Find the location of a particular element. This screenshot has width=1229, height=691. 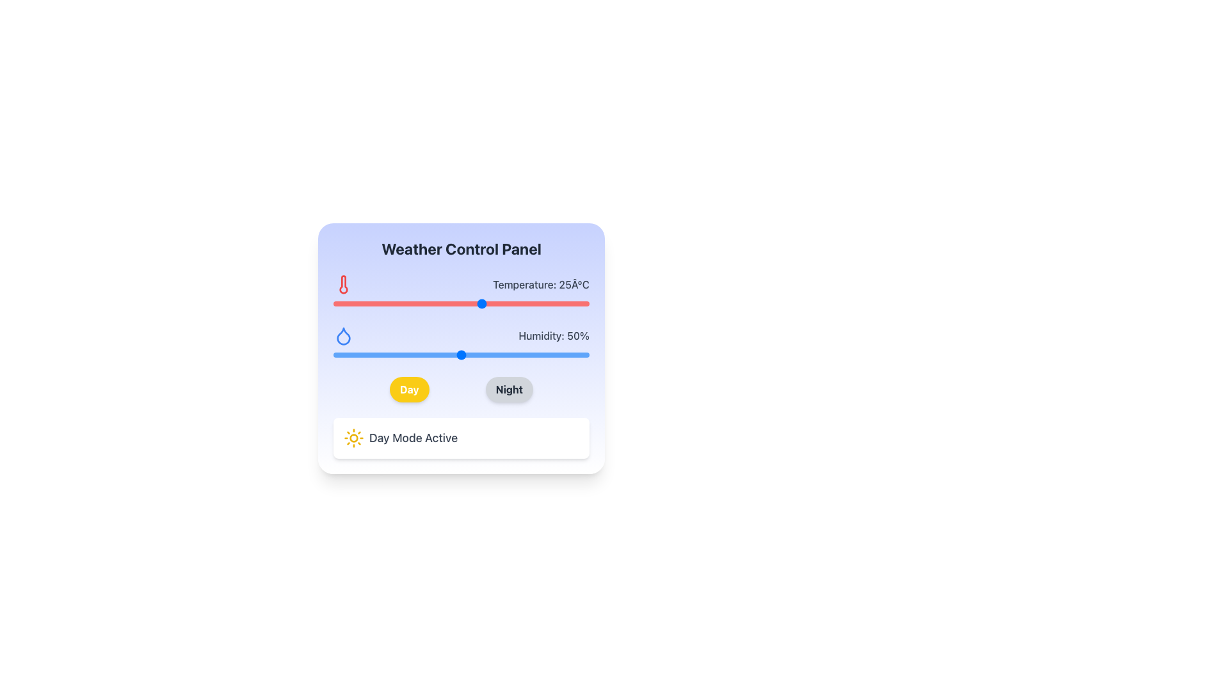

the static text displaying the current temperature value, which is located to the right of the thermometer icon and above a red progress bar is located at coordinates (541, 283).